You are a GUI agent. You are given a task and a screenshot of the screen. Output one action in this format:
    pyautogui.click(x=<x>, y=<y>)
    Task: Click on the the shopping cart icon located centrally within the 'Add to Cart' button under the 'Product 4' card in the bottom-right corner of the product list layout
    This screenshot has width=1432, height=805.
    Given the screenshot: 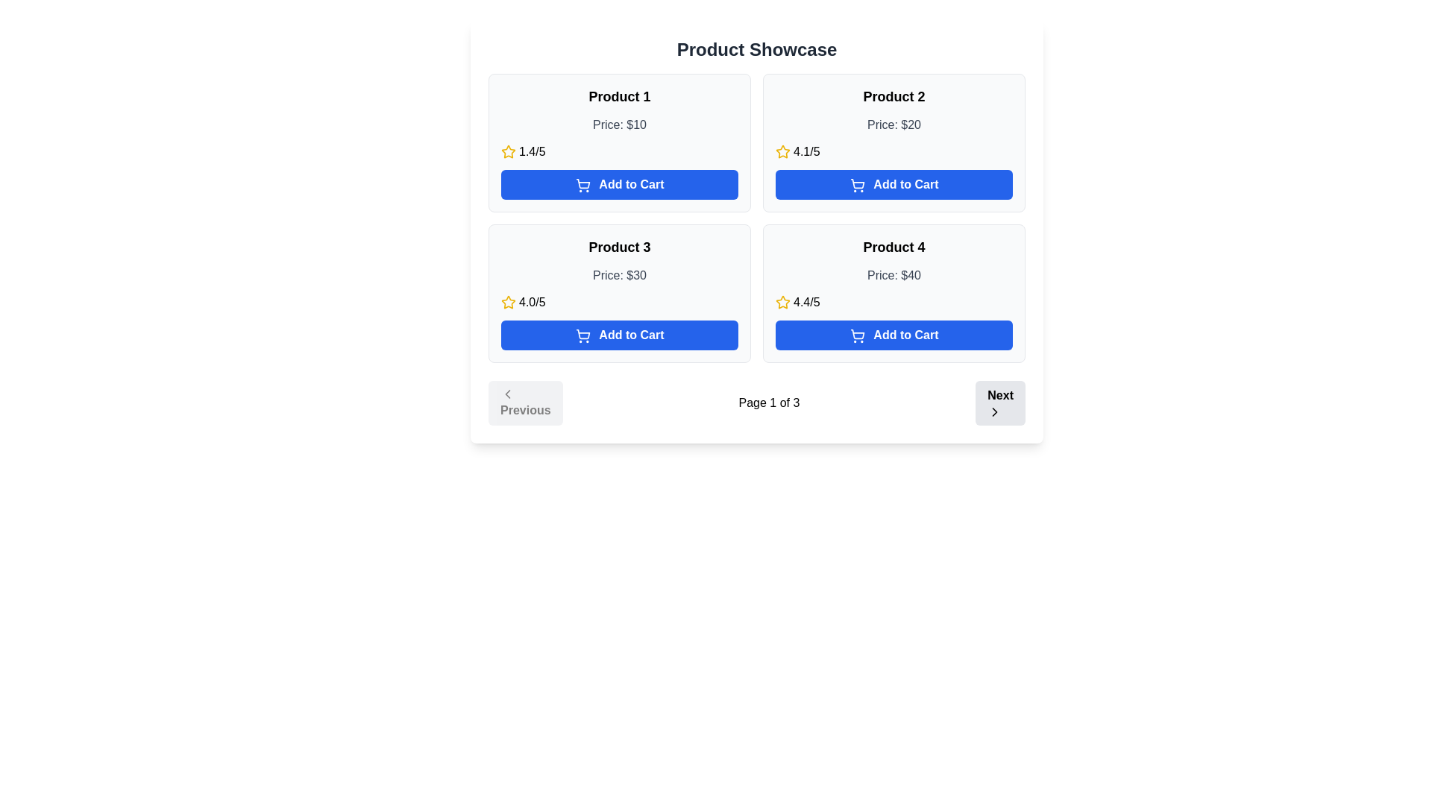 What is the action you would take?
    pyautogui.click(x=857, y=333)
    